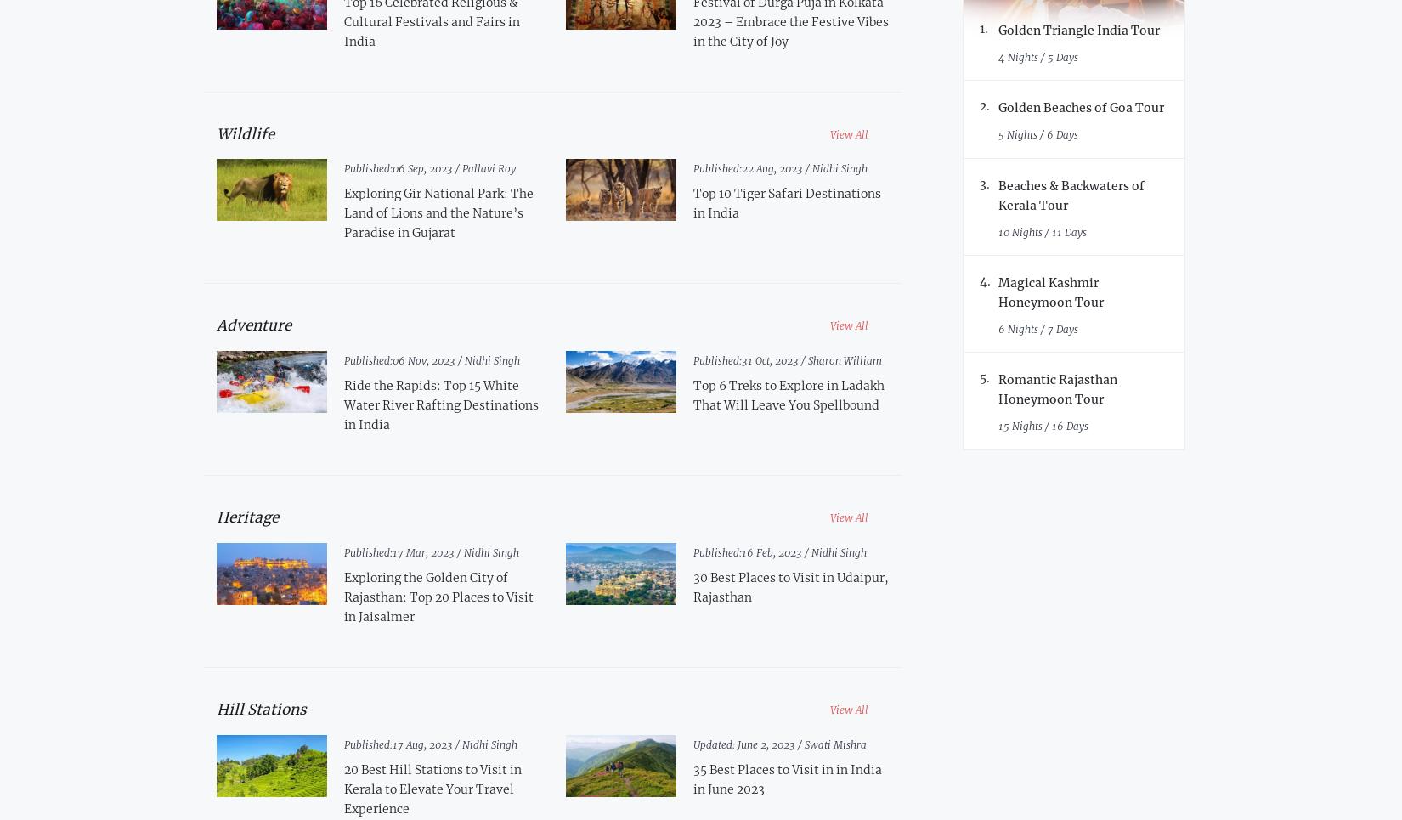 This screenshot has height=820, width=1402. What do you see at coordinates (262, 707) in the screenshot?
I see `'Hill Stations'` at bounding box center [262, 707].